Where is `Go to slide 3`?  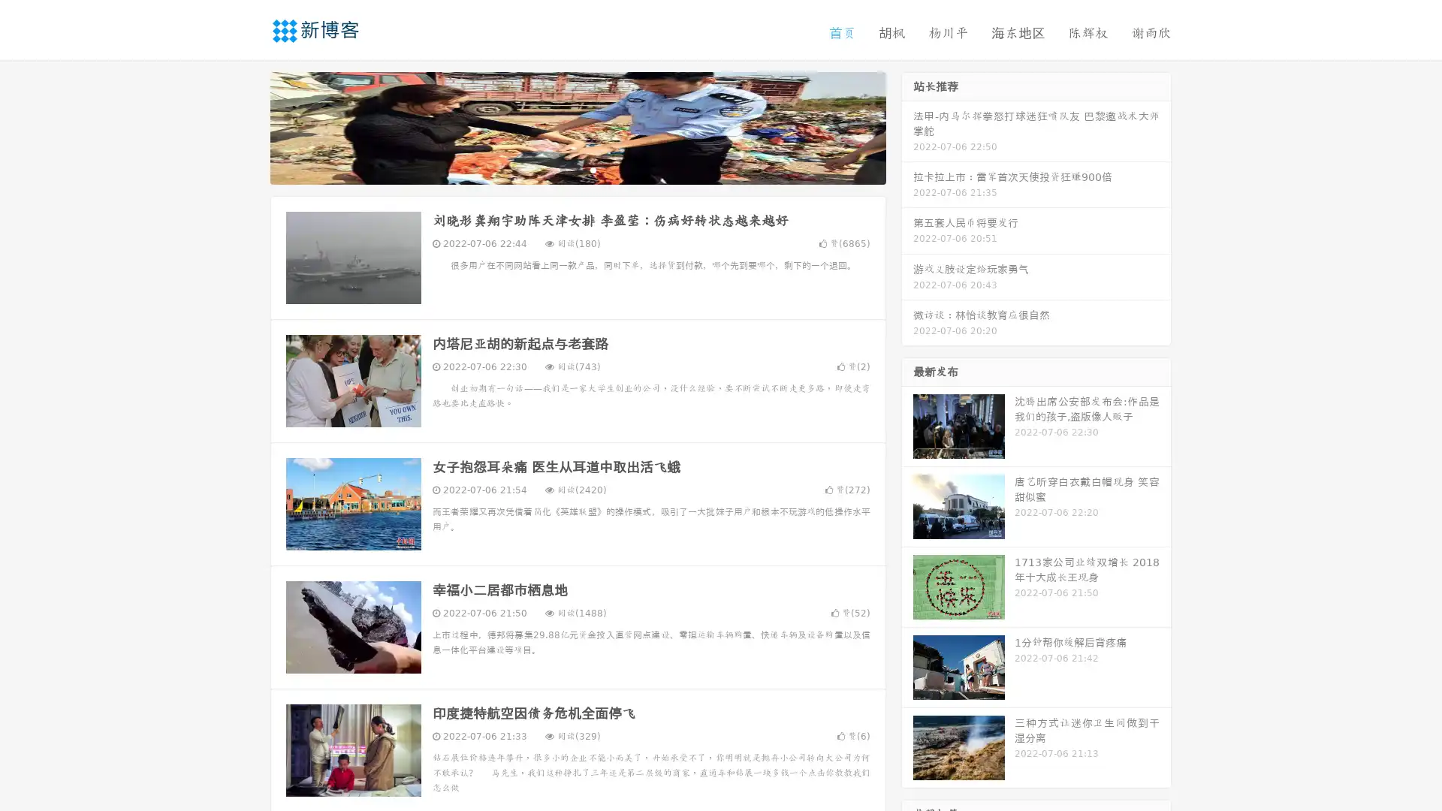
Go to slide 3 is located at coordinates (593, 169).